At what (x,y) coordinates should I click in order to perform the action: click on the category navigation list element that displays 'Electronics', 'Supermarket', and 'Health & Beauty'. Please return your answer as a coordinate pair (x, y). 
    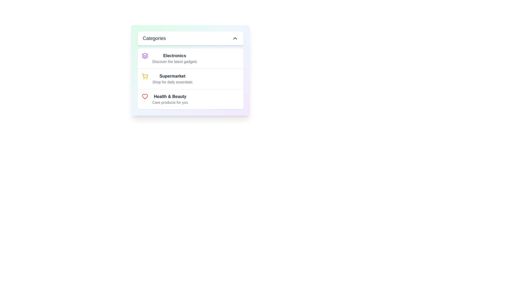
    Looking at the image, I should click on (190, 70).